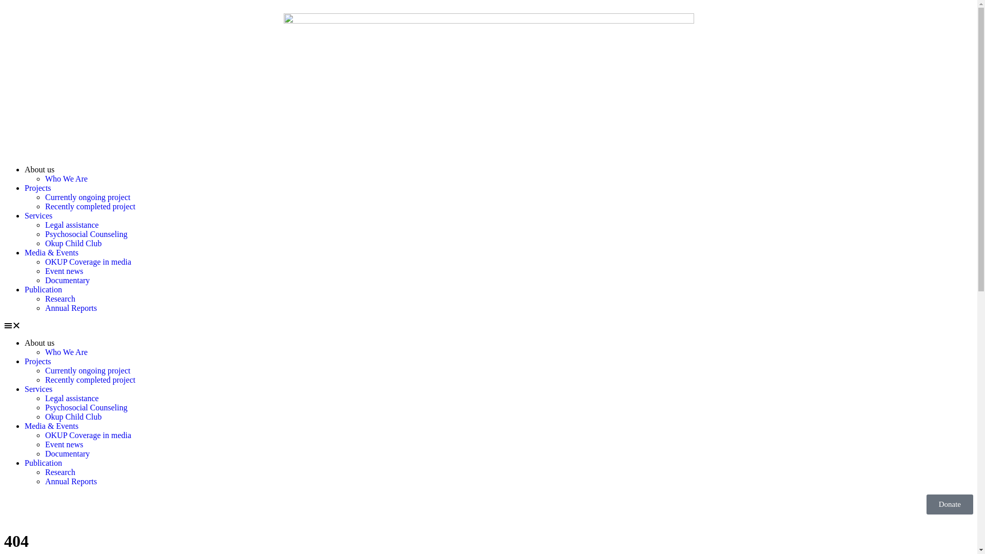 The image size is (985, 554). Describe the element at coordinates (90, 380) in the screenshot. I see `'Recently completed project'` at that location.